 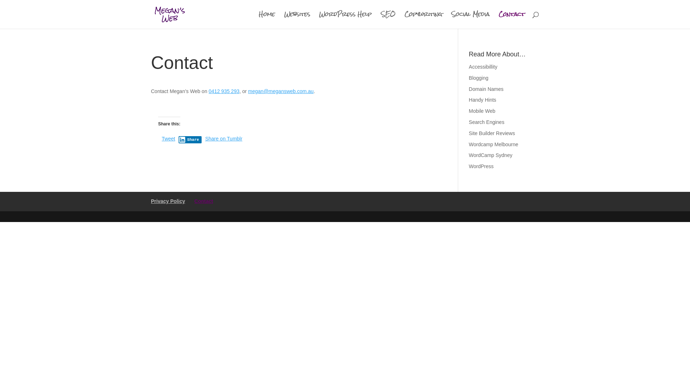 I want to click on 'Accessibillity', so click(x=483, y=66).